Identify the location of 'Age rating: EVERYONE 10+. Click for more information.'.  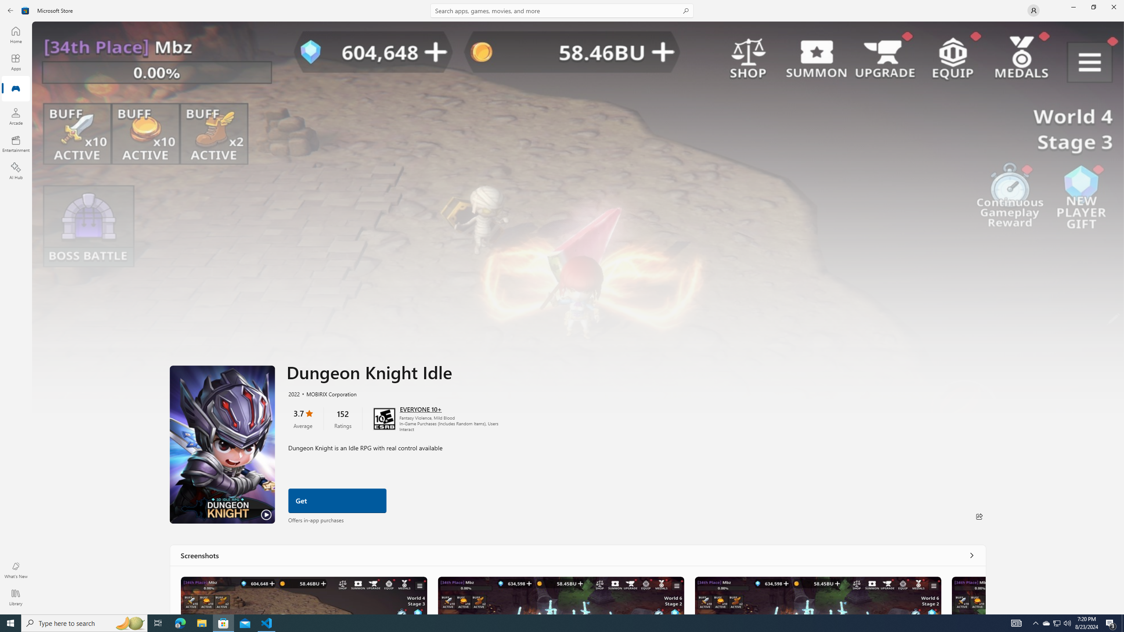
(420, 408).